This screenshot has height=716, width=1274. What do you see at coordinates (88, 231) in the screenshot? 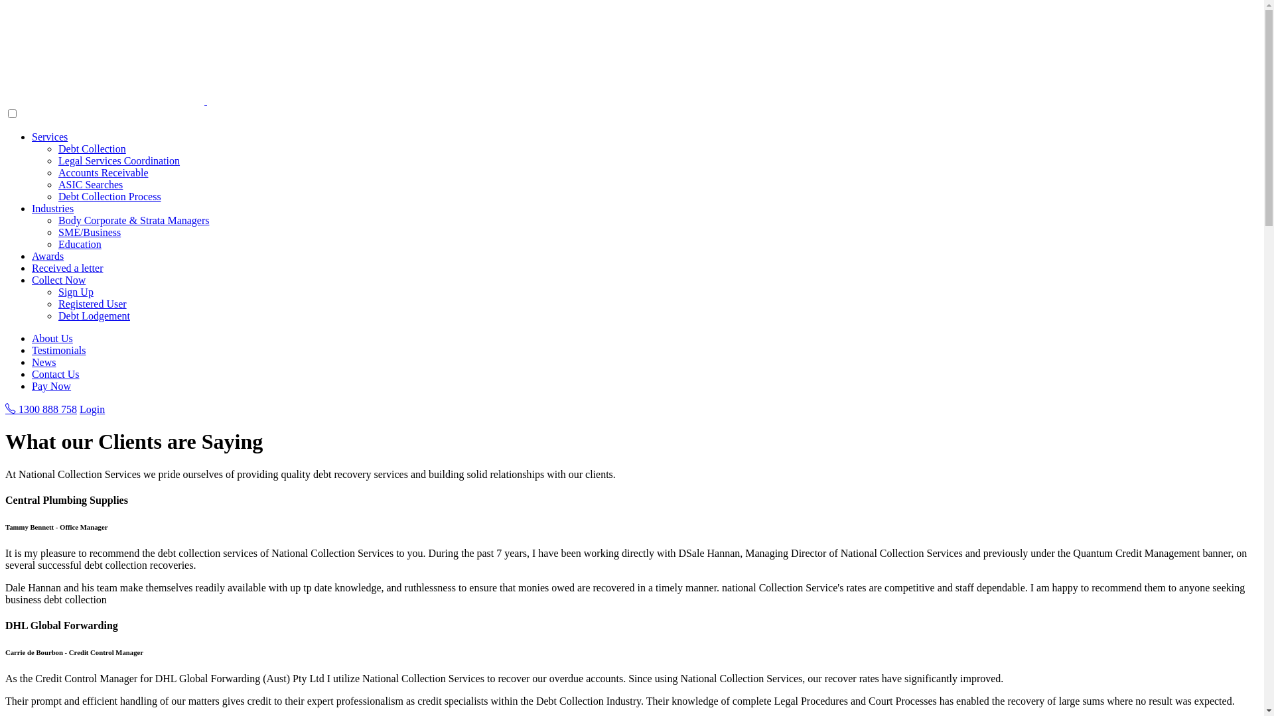
I see `'SME/Business'` at bounding box center [88, 231].